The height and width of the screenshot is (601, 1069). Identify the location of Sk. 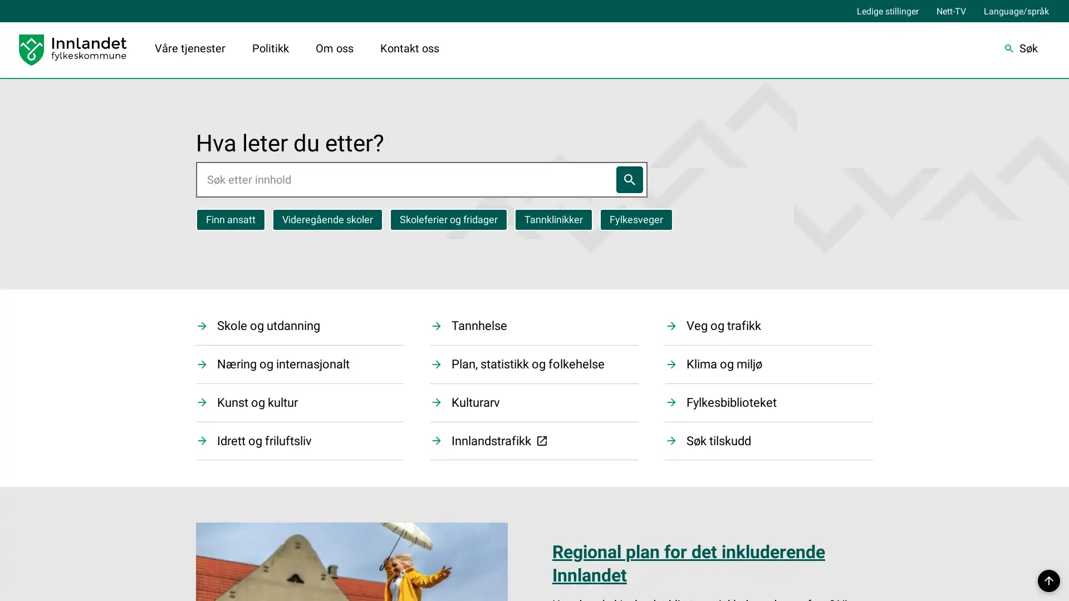
(629, 178).